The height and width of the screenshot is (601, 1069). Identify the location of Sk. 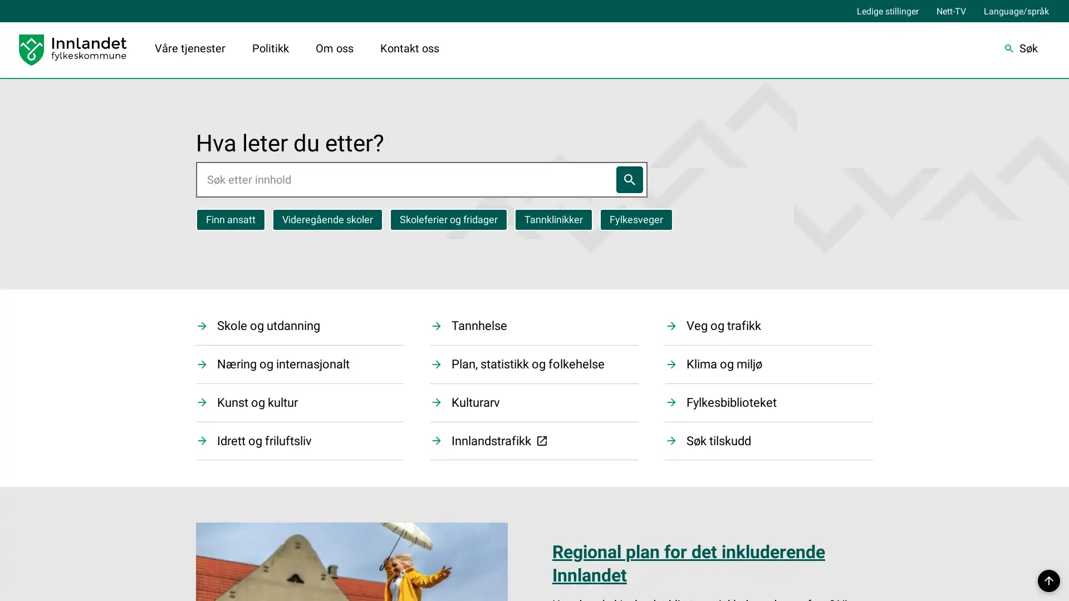
(629, 178).